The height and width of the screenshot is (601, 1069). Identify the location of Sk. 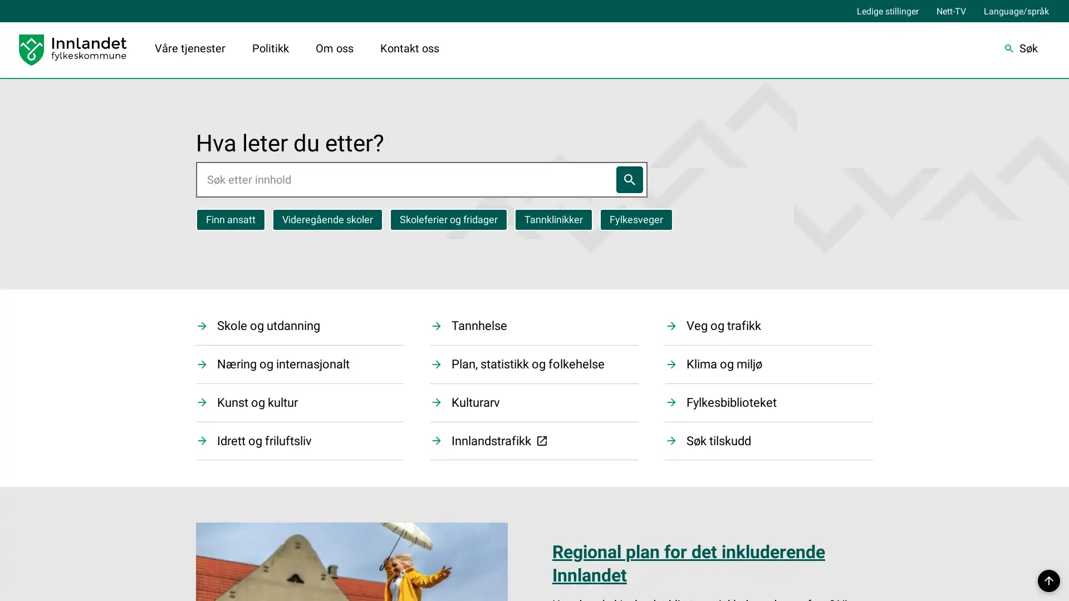
(629, 178).